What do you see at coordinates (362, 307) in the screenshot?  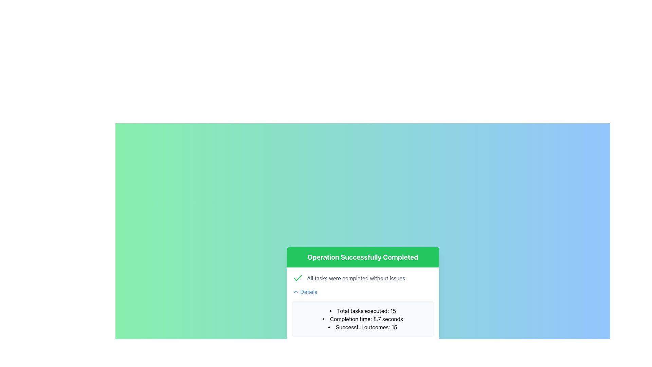 I see `the Informational Box that displays the operation results, located below the green header titled 'Operation Successfully Completed'` at bounding box center [362, 307].